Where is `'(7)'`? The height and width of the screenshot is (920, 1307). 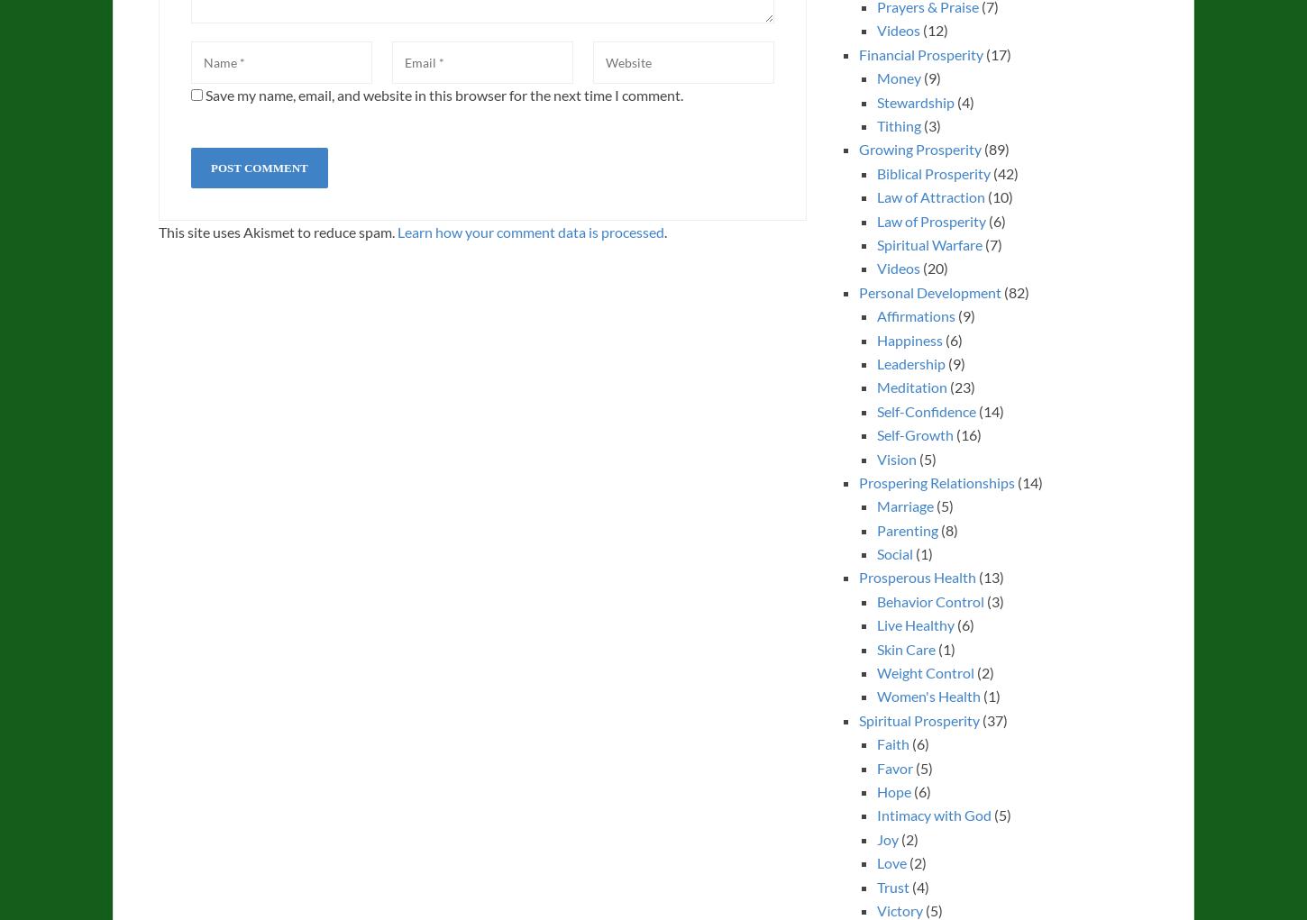
'(7)' is located at coordinates (990, 242).